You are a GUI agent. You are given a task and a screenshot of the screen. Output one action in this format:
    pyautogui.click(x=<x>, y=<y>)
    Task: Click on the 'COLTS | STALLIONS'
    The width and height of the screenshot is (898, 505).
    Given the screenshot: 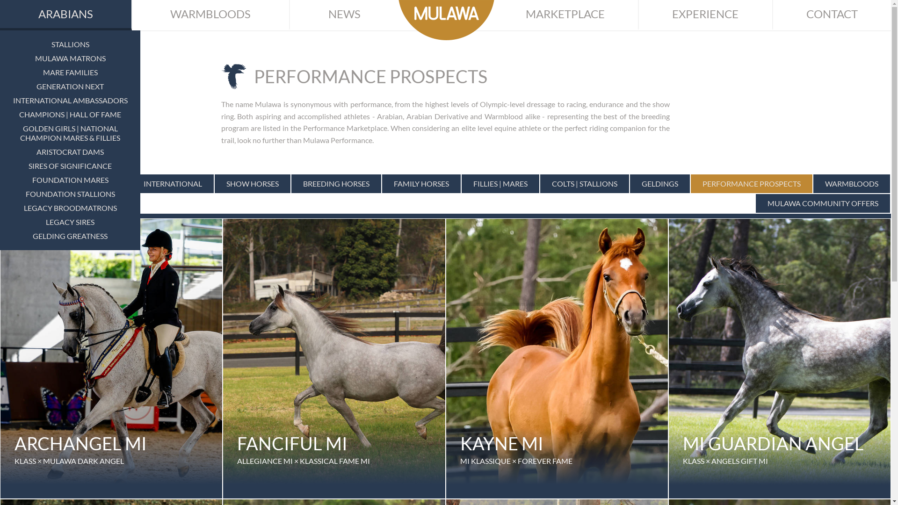 What is the action you would take?
    pyautogui.click(x=584, y=184)
    